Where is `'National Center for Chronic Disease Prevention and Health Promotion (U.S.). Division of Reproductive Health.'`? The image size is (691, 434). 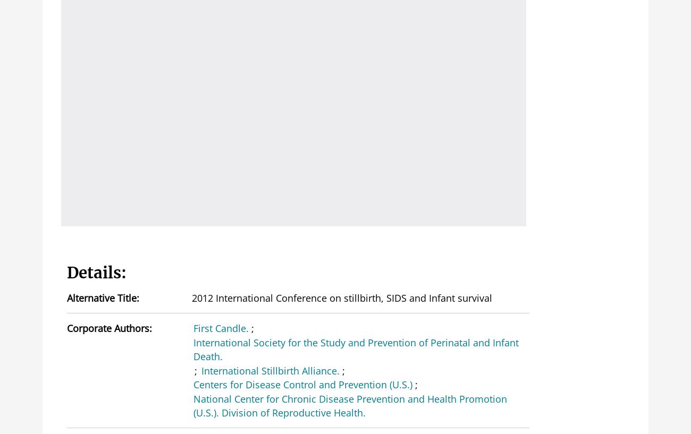
'National Center for Chronic Disease Prevention and Health Promotion (U.S.). Division of Reproductive Health.' is located at coordinates (349, 405).